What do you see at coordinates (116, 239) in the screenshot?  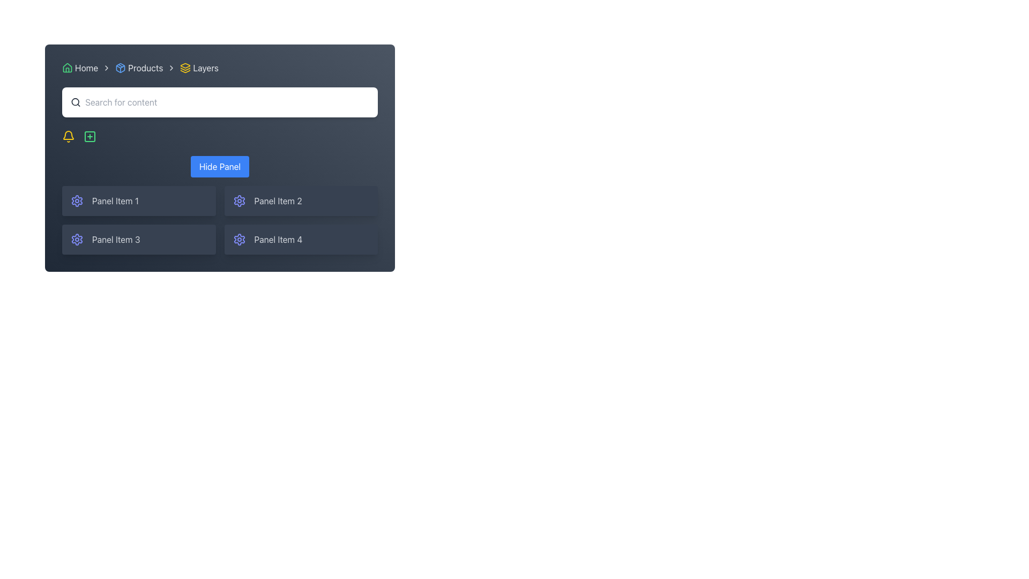 I see `text content of the button labeled 'Panel Item 3', which is styled with gray text on a dark gray button-like background located in the bottom left panel of a grid of buttons` at bounding box center [116, 239].